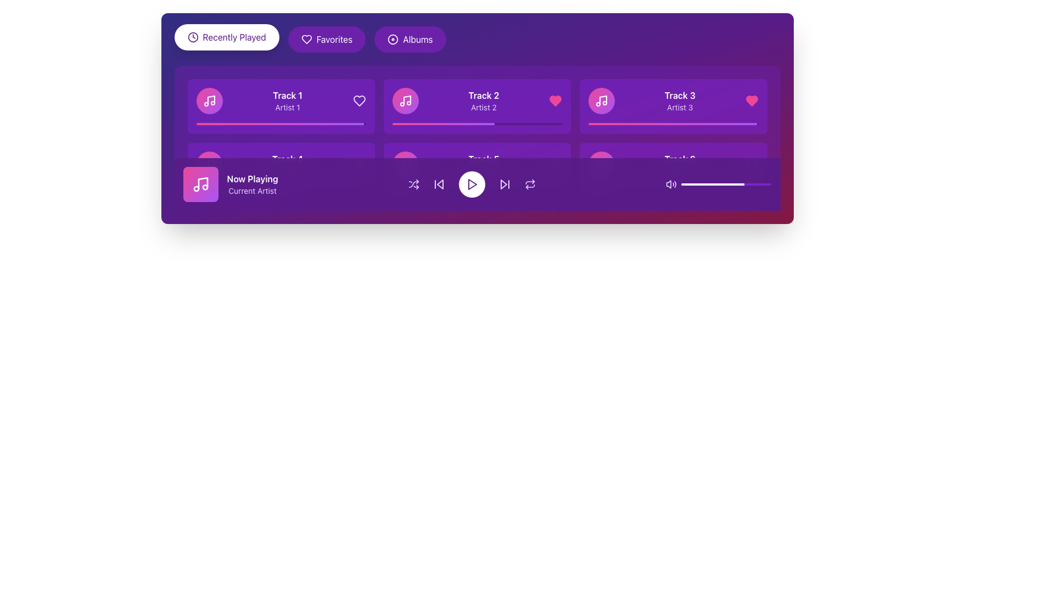 Image resolution: width=1054 pixels, height=593 pixels. What do you see at coordinates (209, 165) in the screenshot?
I see `the circular icon with a gradient from pink to purple that contains a white musical note symbol in the center` at bounding box center [209, 165].